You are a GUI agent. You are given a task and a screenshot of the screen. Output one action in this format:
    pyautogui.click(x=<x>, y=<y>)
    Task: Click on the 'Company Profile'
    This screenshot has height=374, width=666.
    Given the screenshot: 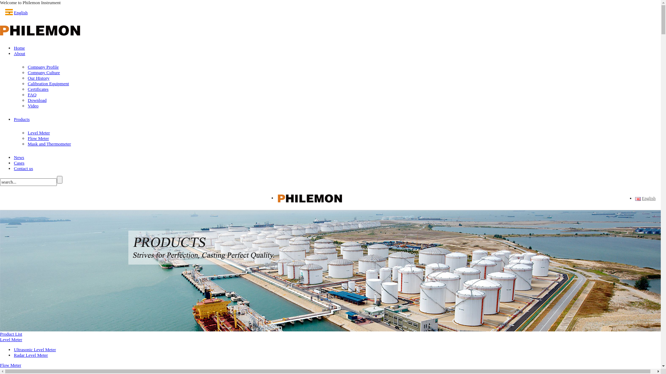 What is the action you would take?
    pyautogui.click(x=43, y=67)
    